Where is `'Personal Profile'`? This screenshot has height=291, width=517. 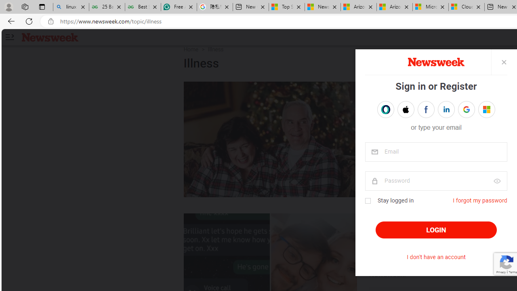
'Personal Profile' is located at coordinates (8, 6).